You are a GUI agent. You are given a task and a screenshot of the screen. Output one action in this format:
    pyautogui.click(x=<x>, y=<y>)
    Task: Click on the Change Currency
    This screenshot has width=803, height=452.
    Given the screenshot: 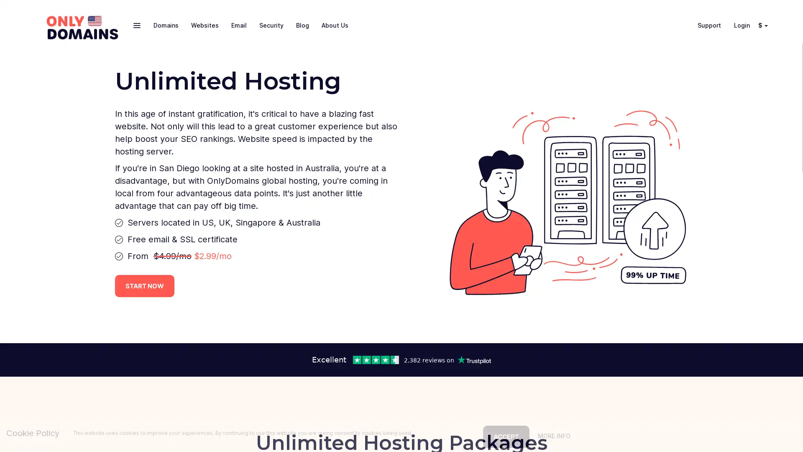 What is the action you would take?
    pyautogui.click(x=767, y=25)
    